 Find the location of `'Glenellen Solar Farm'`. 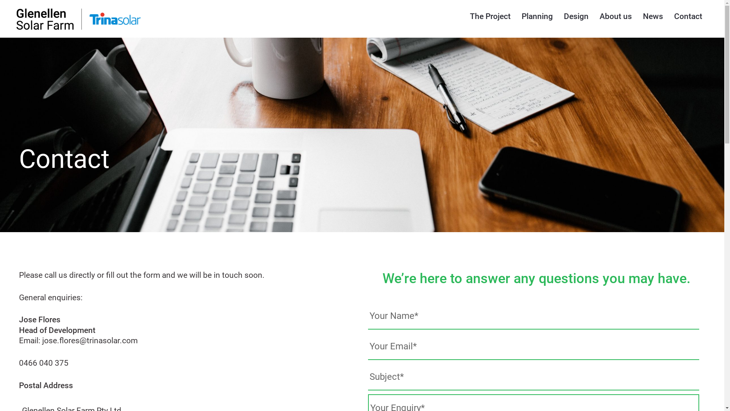

'Glenellen Solar Farm' is located at coordinates (126, 21).